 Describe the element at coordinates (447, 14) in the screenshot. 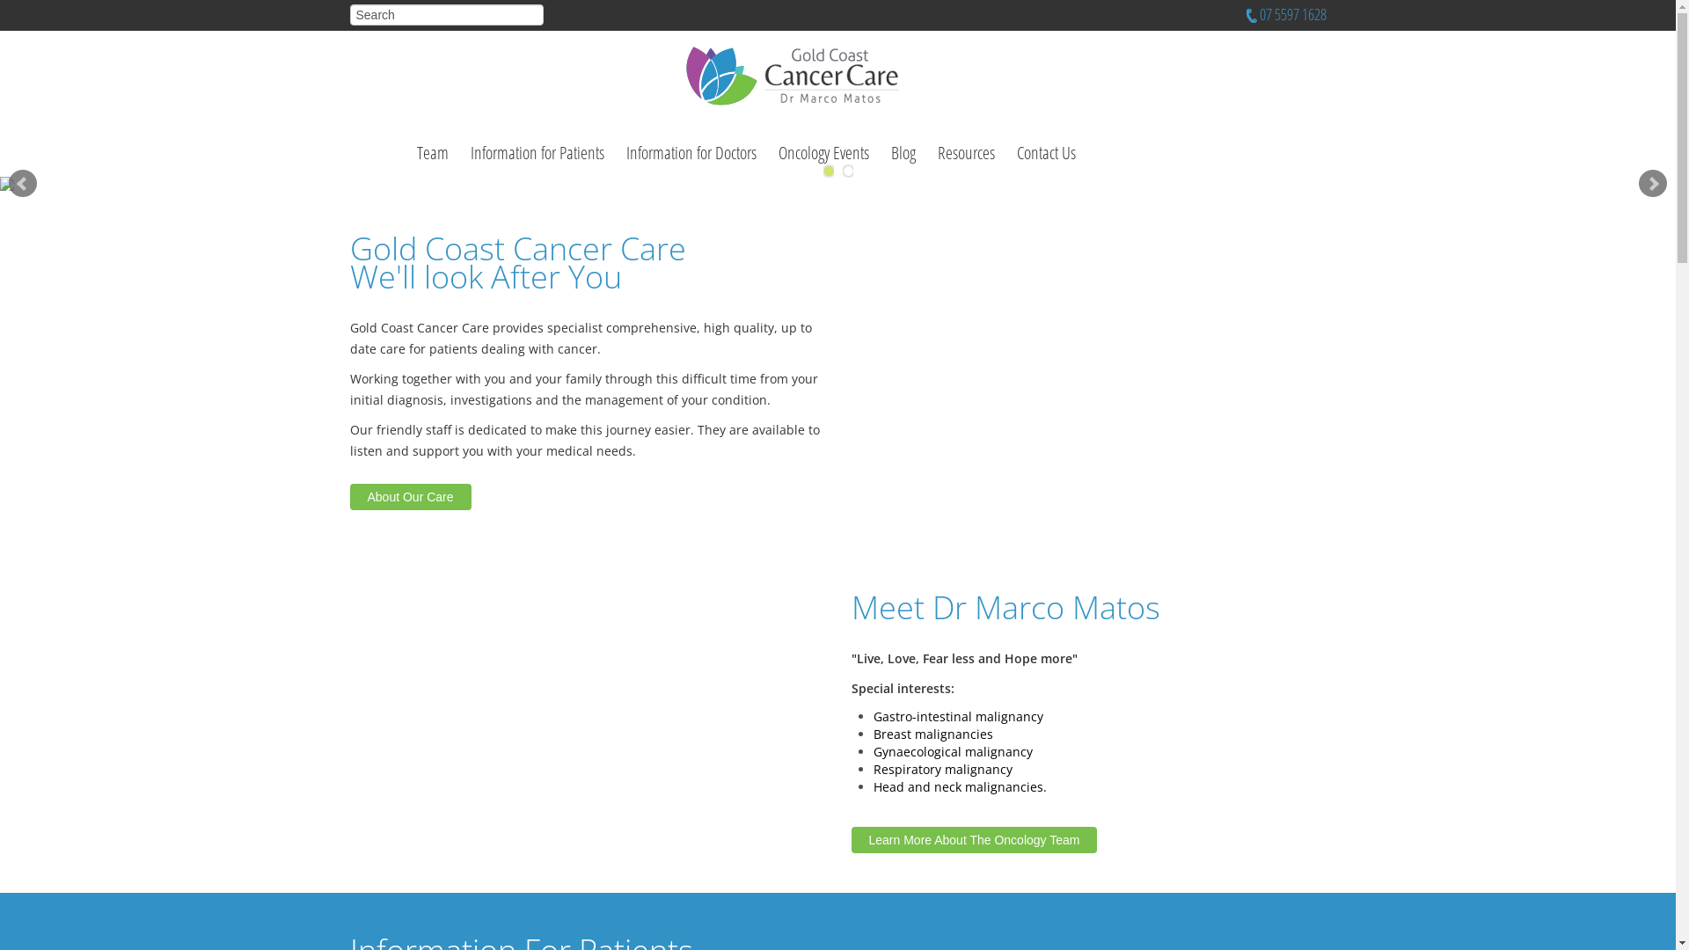

I see `'Search'` at that location.